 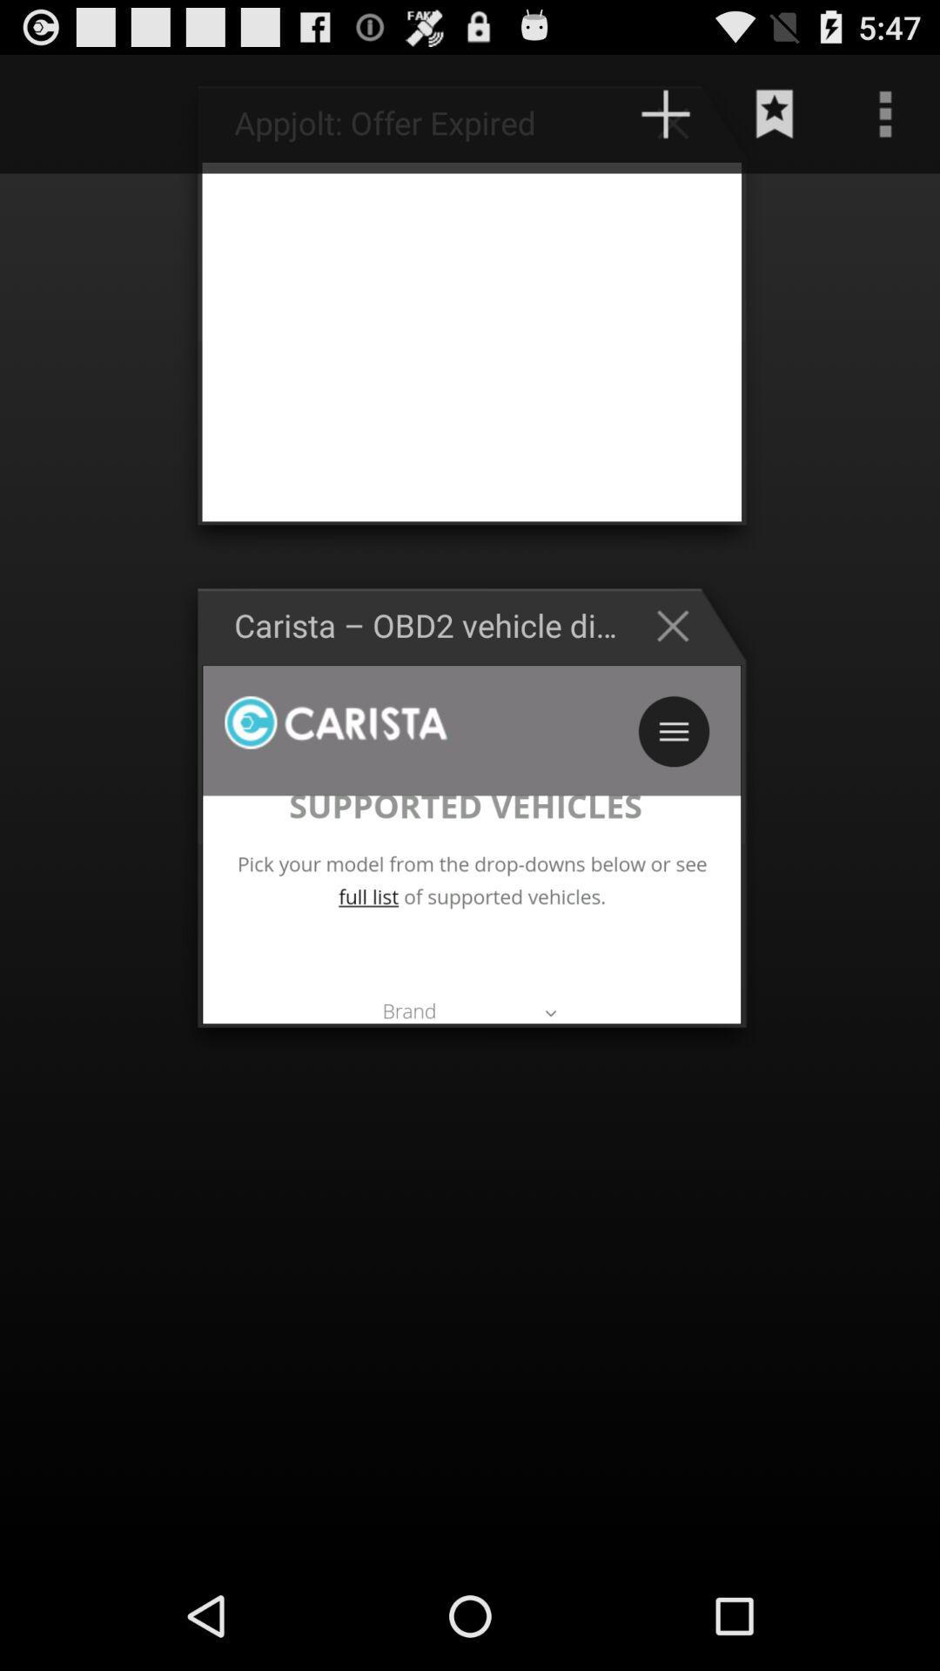 I want to click on the bookmark icon, so click(x=775, y=121).